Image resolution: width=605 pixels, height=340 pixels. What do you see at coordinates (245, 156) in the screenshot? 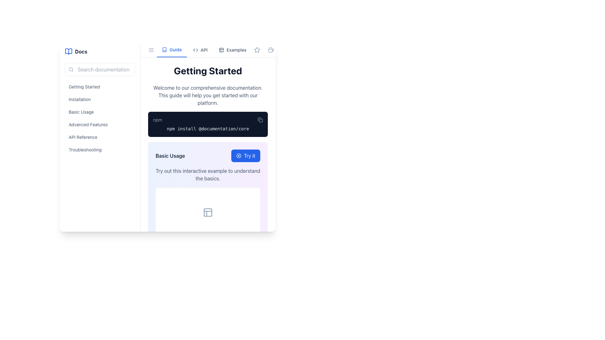
I see `the button located on the right side of the 'Basic Usage' section` at bounding box center [245, 156].